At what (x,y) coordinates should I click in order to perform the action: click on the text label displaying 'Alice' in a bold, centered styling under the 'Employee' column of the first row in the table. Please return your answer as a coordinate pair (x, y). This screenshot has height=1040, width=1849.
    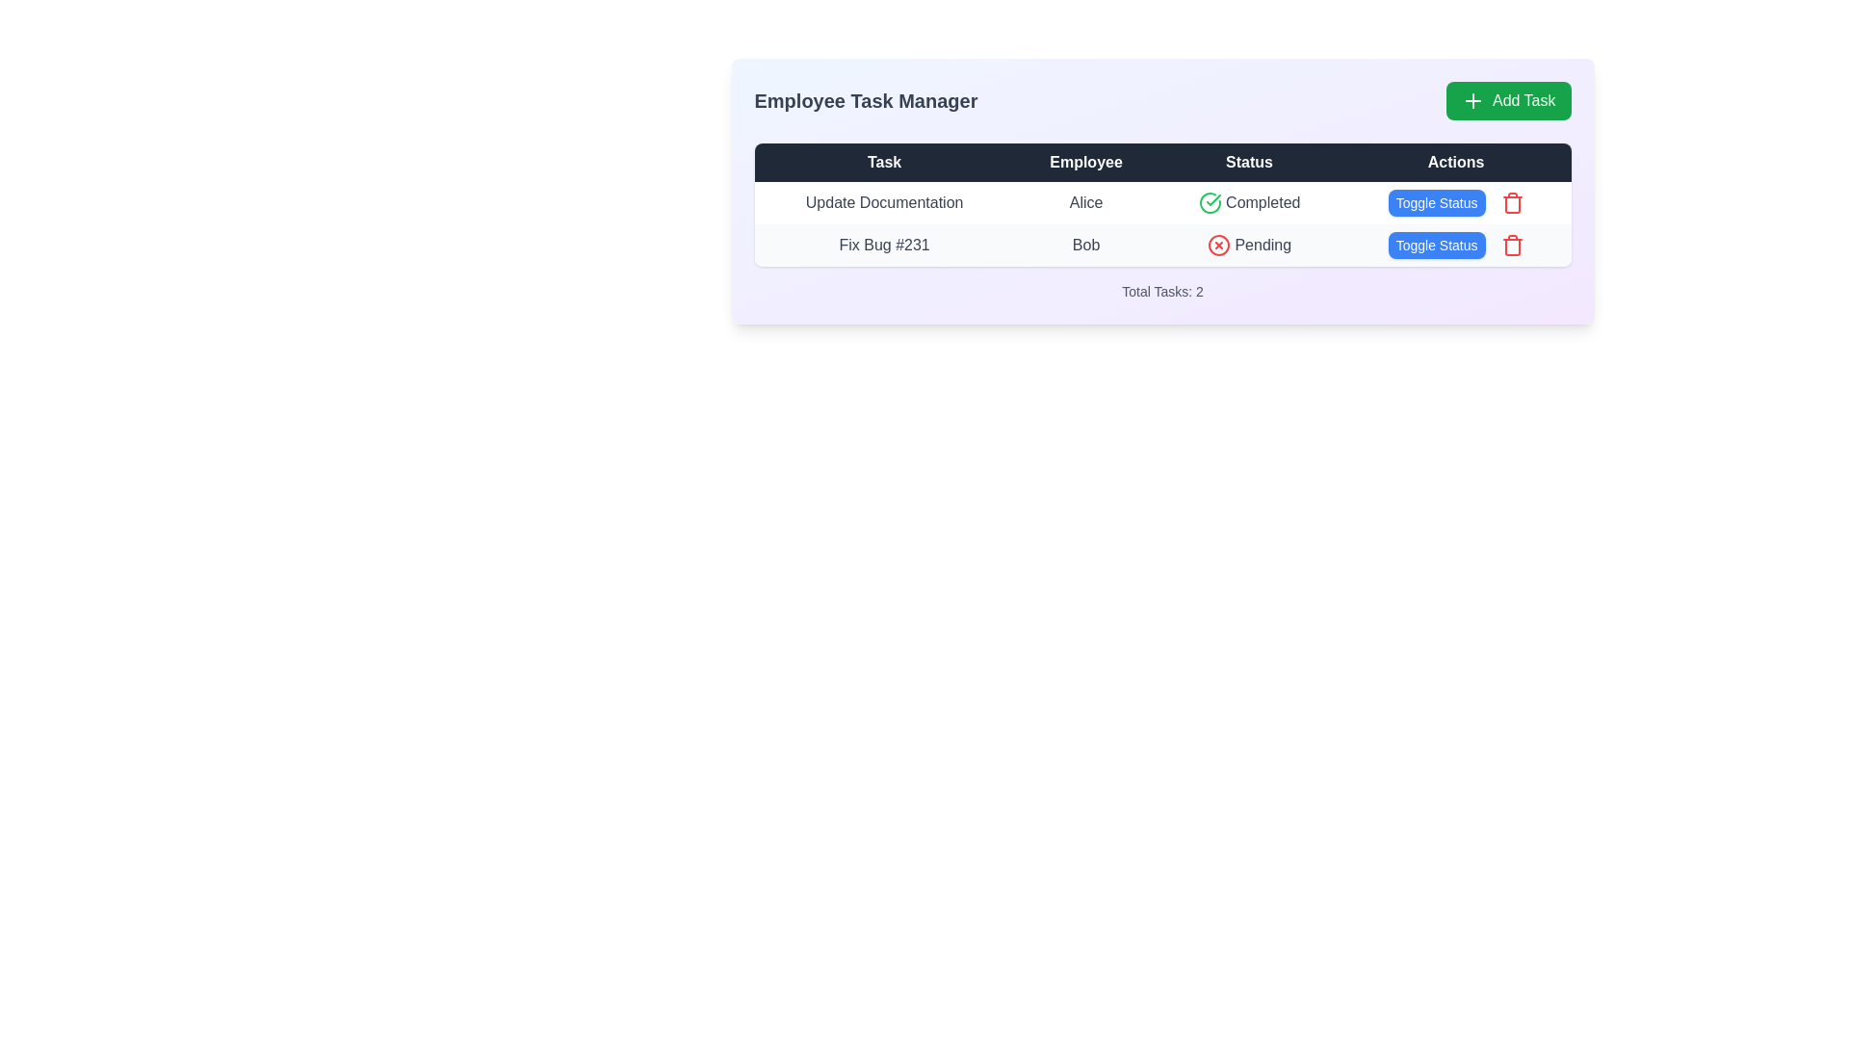
    Looking at the image, I should click on (1086, 203).